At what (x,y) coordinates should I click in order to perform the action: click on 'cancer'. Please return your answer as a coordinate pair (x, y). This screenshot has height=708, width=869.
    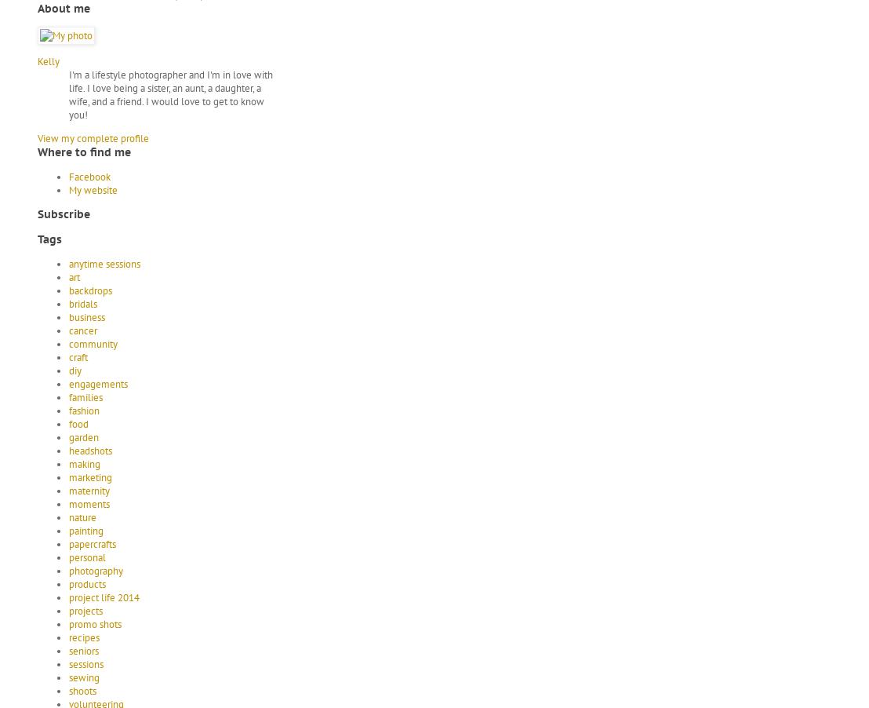
    Looking at the image, I should click on (83, 330).